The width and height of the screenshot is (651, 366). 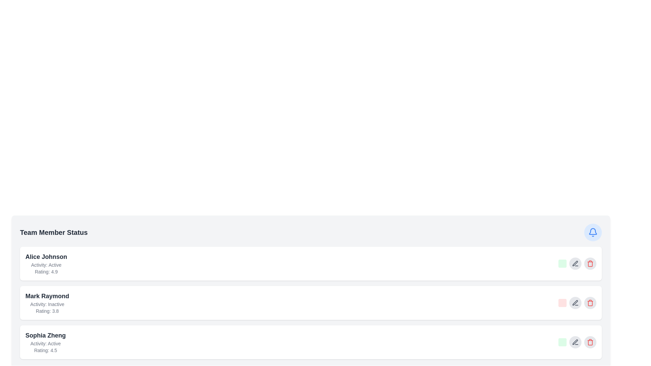 What do you see at coordinates (577, 263) in the screenshot?
I see `the edit button for 'Alice Johnson'` at bounding box center [577, 263].